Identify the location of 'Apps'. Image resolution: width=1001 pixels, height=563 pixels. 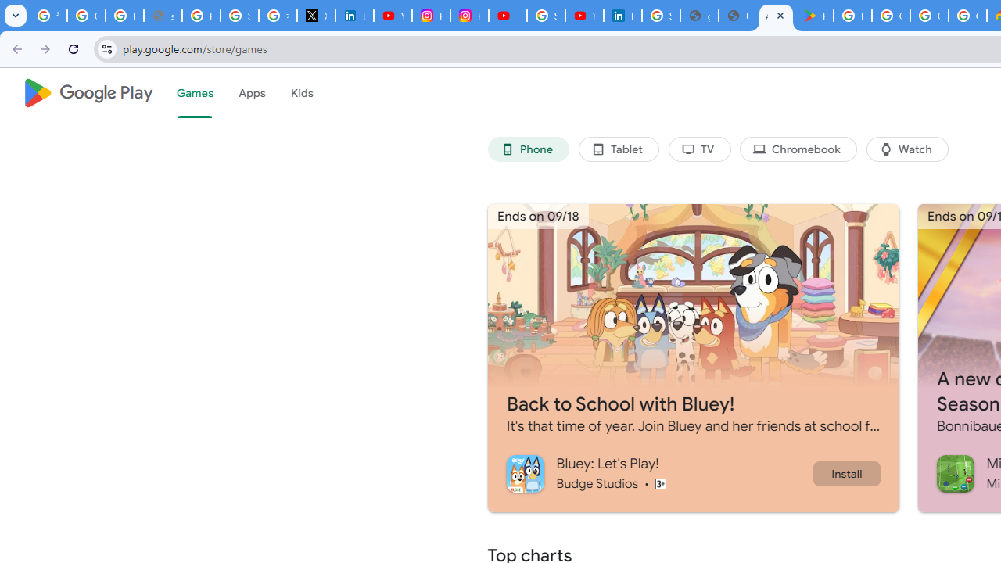
(251, 93).